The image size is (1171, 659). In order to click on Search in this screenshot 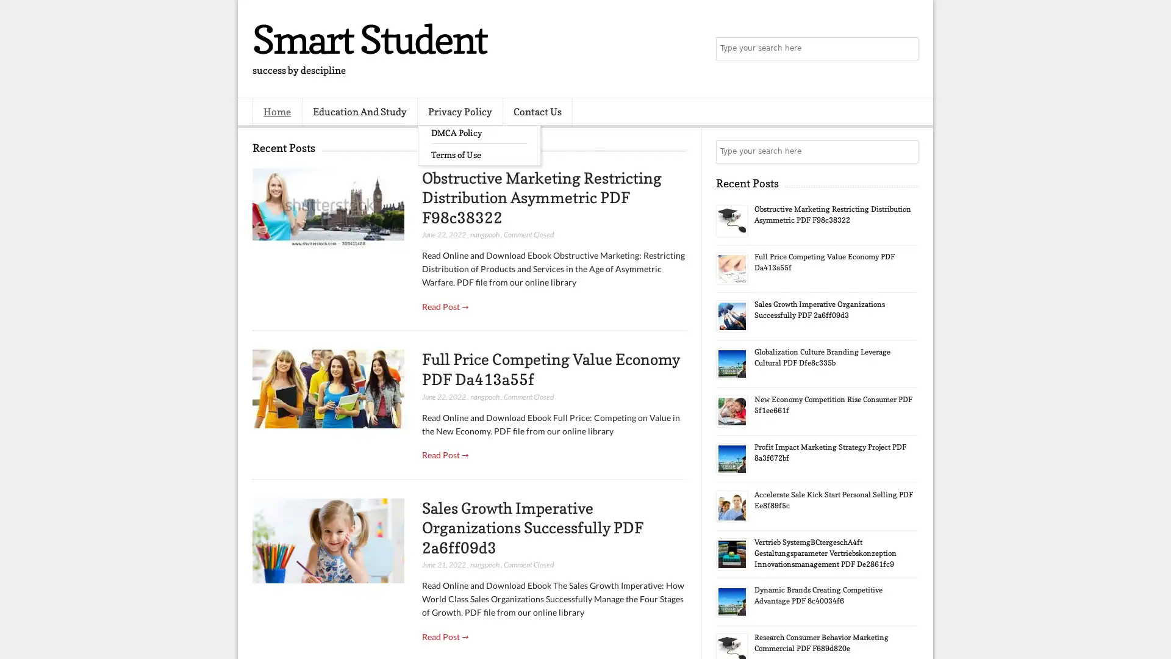, I will do `click(906, 49)`.